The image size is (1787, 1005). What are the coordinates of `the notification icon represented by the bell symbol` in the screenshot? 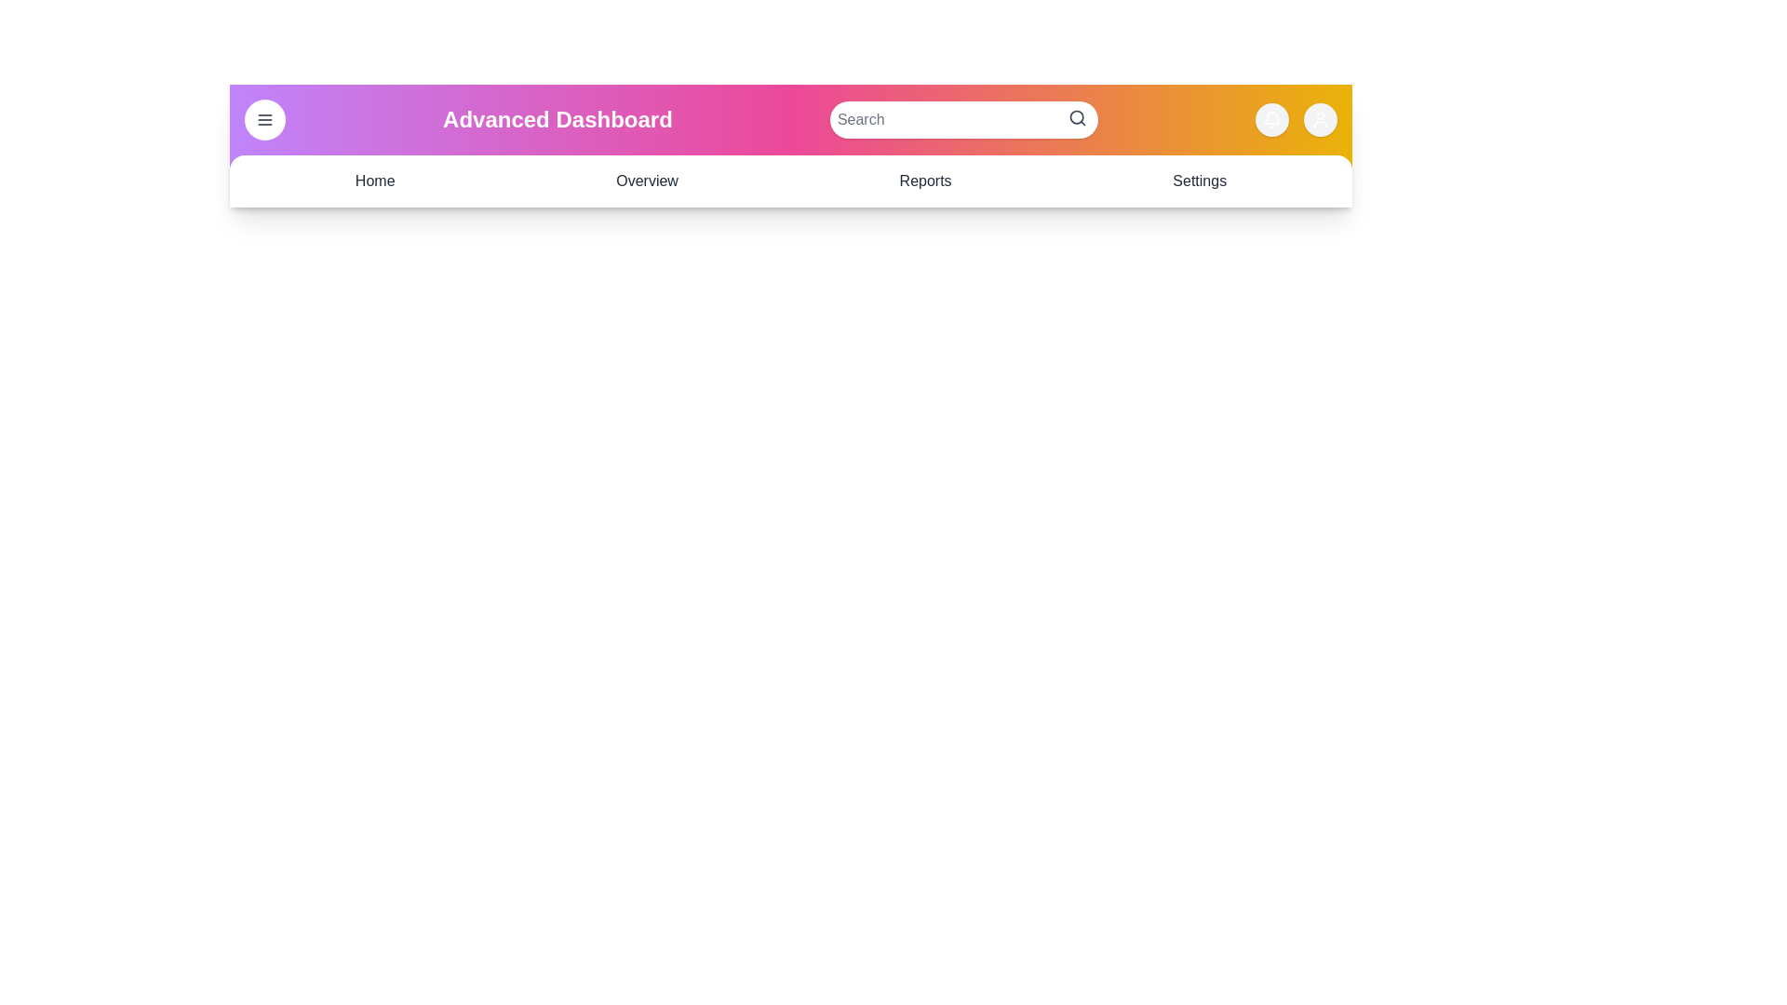 It's located at (1271, 119).